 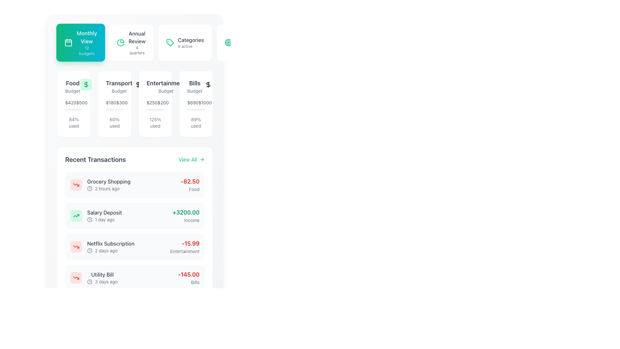 I want to click on the static text label displaying '1 day ago' with the gray clock icon, located below 'Salary Deposit' in the 'Recent Transactions' section, so click(x=104, y=219).